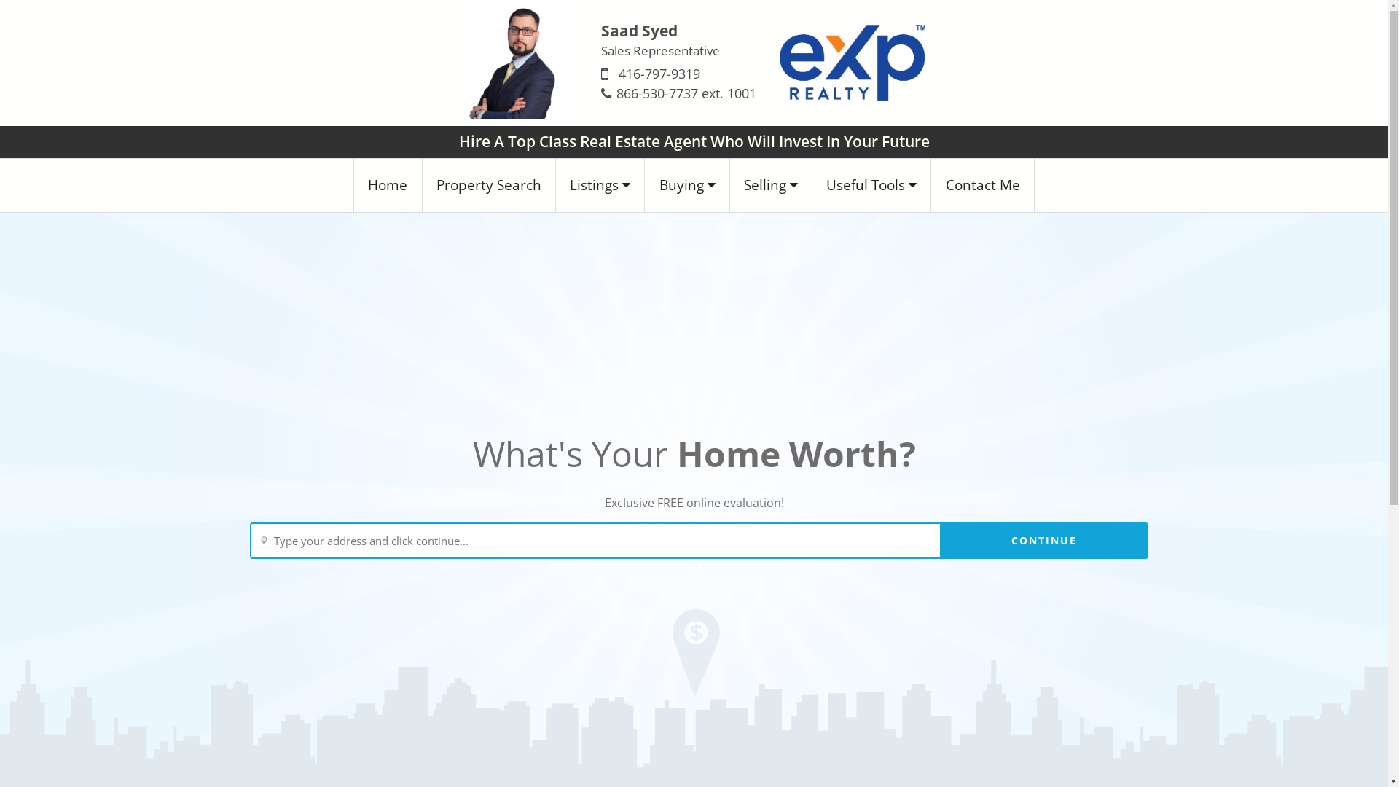 Image resolution: width=1399 pixels, height=787 pixels. Describe the element at coordinates (388, 184) in the screenshot. I see `'Home'` at that location.